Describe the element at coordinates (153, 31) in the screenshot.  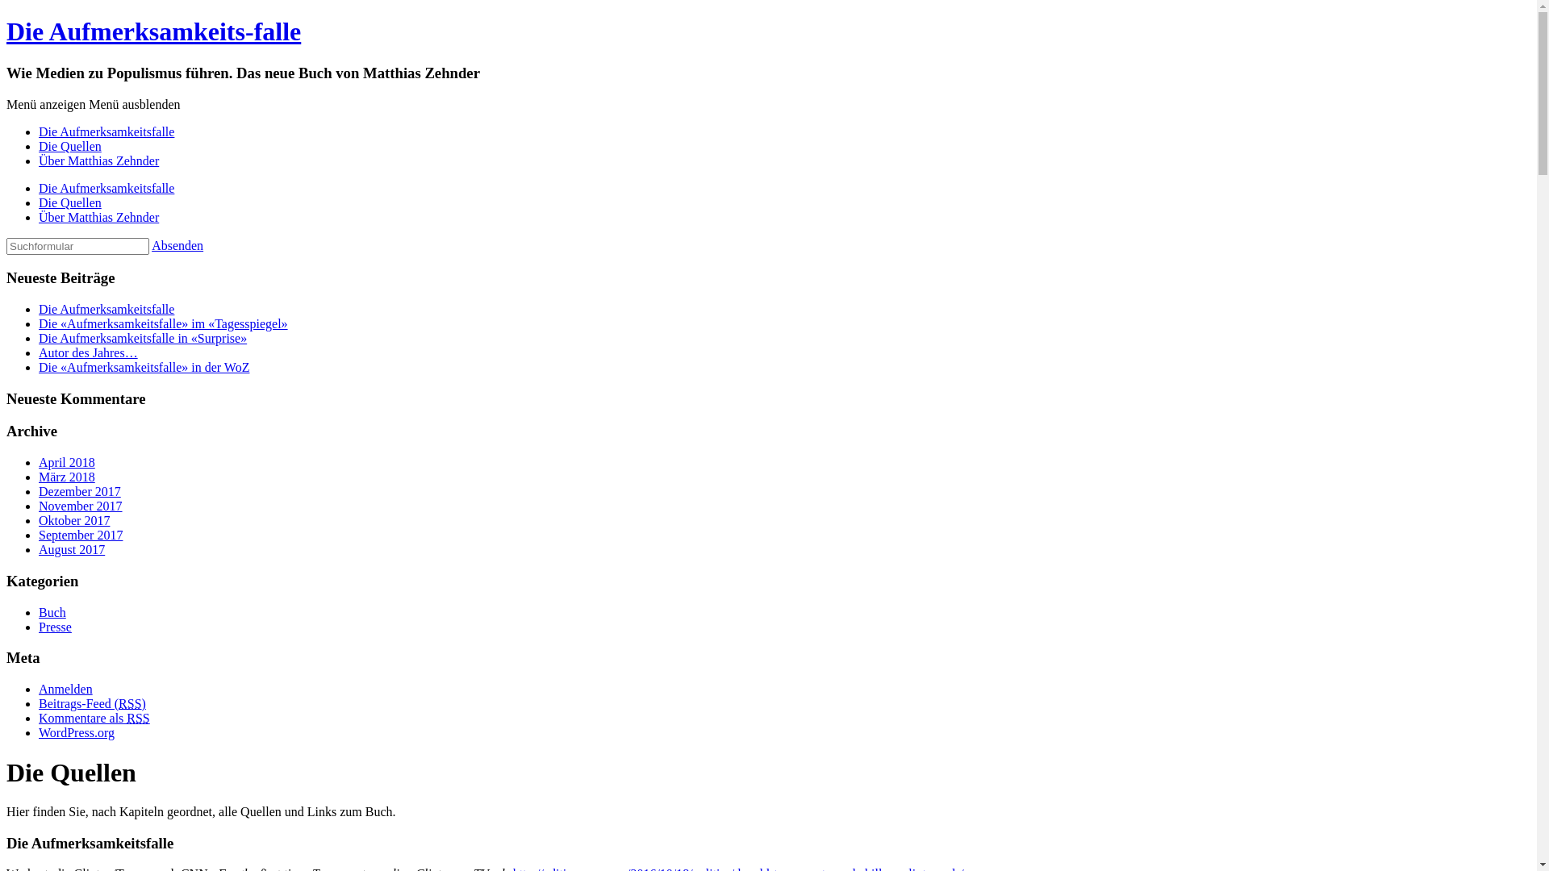
I see `'Die Aufmerksamkeits-falle'` at that location.